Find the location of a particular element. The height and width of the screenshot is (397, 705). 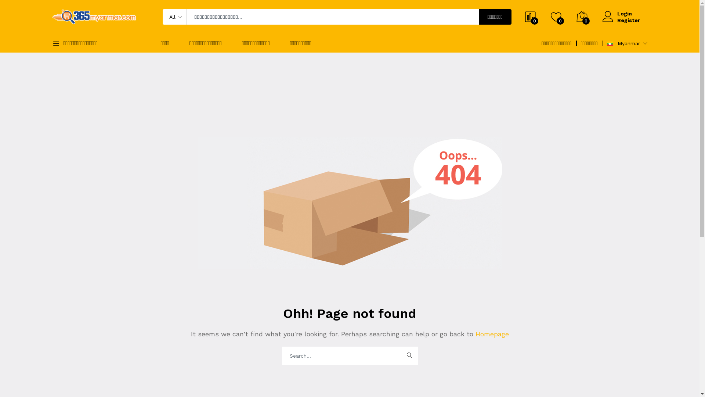

'0' is located at coordinates (576, 17).